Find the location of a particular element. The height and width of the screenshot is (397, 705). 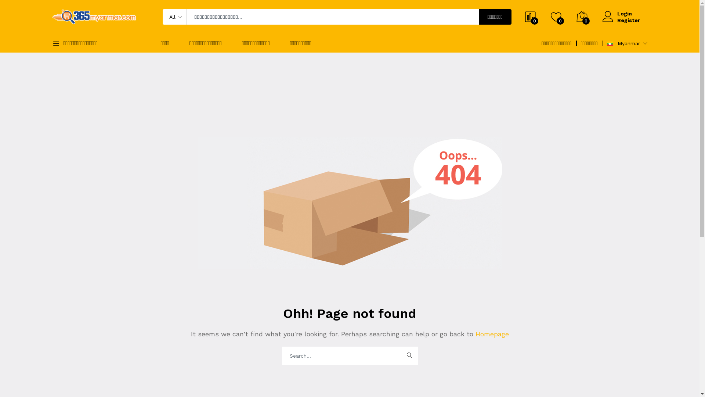

'0' is located at coordinates (576, 17).